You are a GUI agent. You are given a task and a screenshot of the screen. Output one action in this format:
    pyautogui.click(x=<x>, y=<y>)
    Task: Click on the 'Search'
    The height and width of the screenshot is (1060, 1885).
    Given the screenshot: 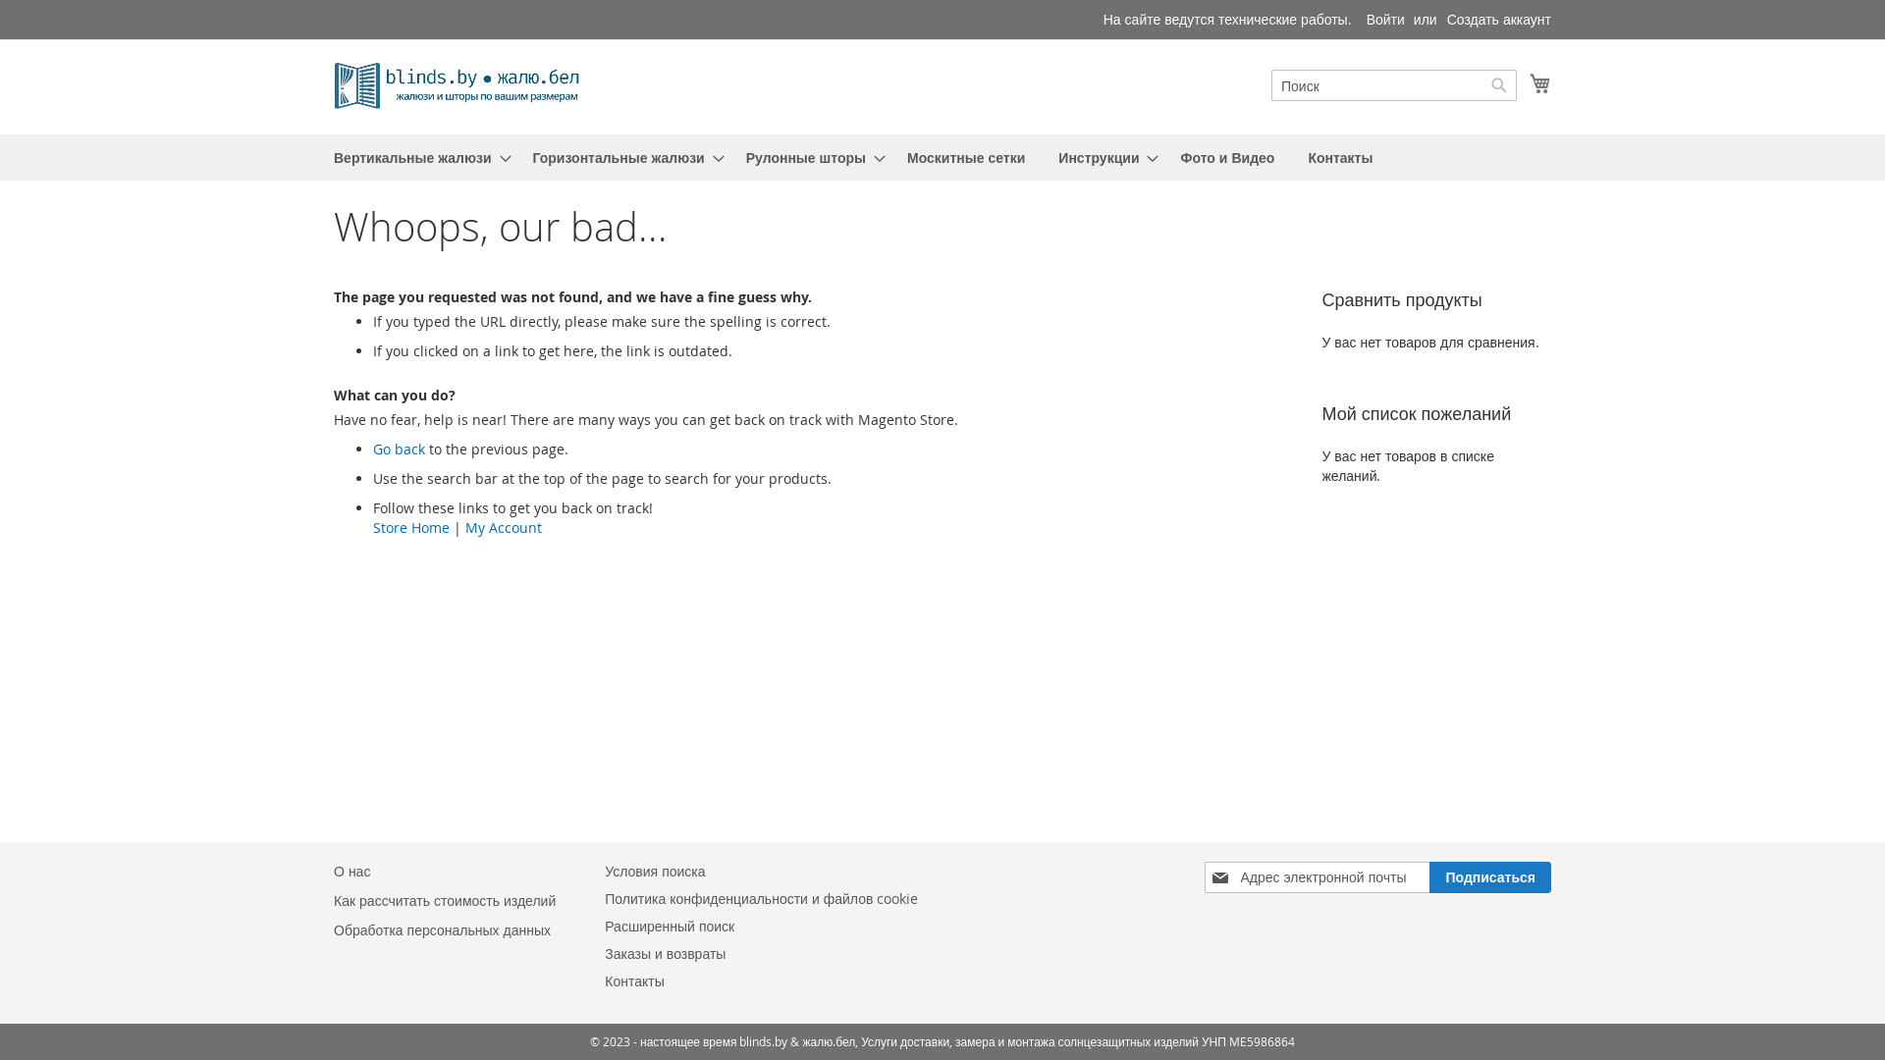 What is the action you would take?
    pyautogui.click(x=1497, y=84)
    